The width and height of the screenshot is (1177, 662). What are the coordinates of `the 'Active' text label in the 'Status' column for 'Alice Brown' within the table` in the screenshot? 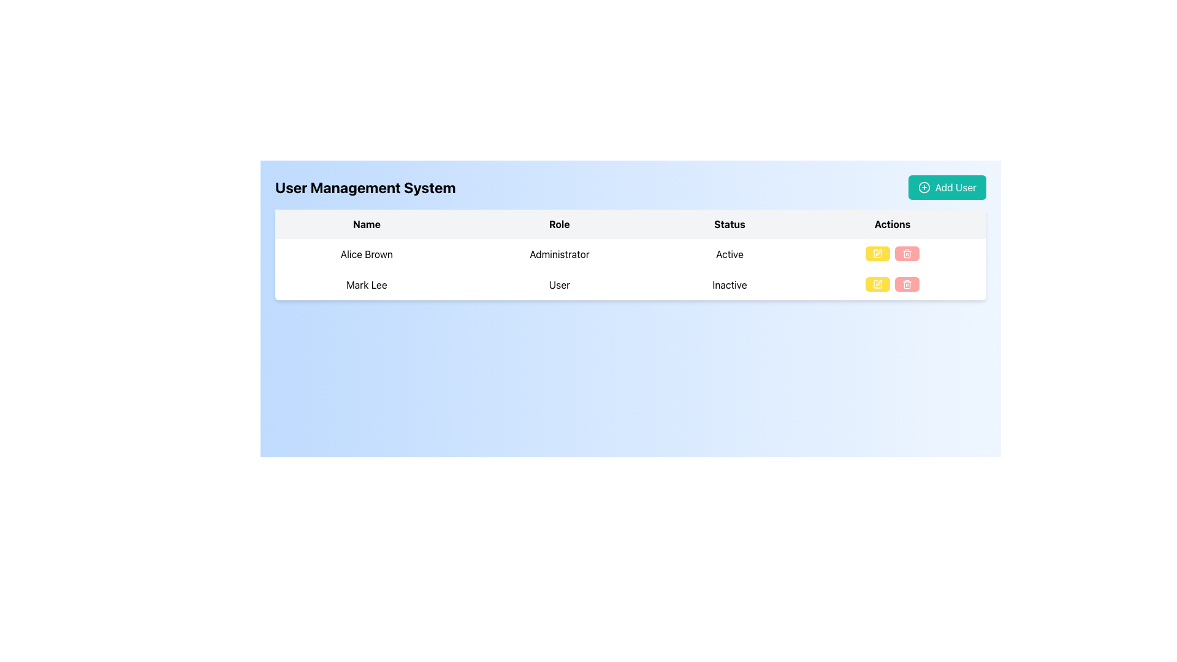 It's located at (729, 254).